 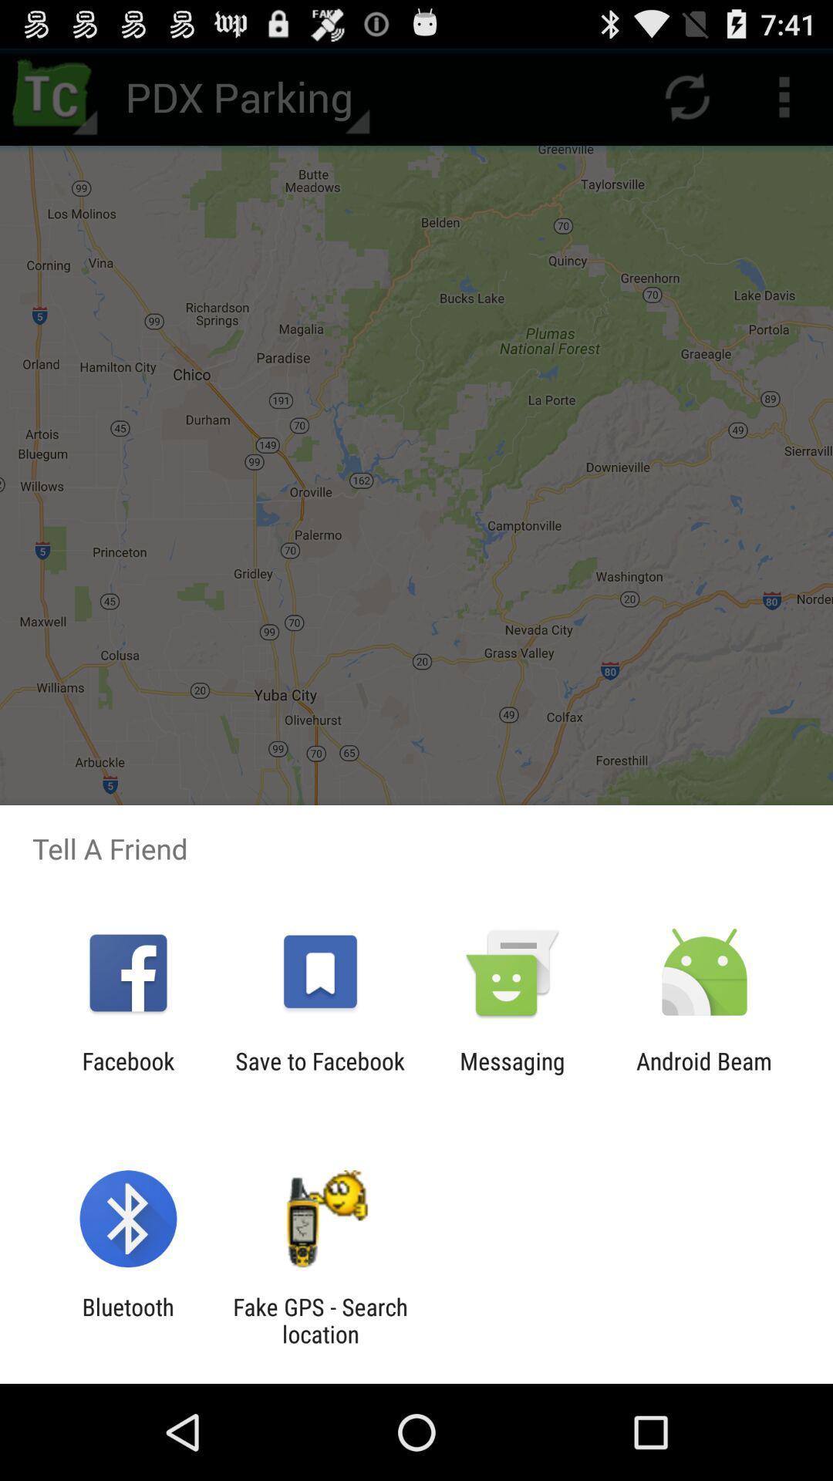 What do you see at coordinates (319, 1074) in the screenshot?
I see `app next to the messaging` at bounding box center [319, 1074].